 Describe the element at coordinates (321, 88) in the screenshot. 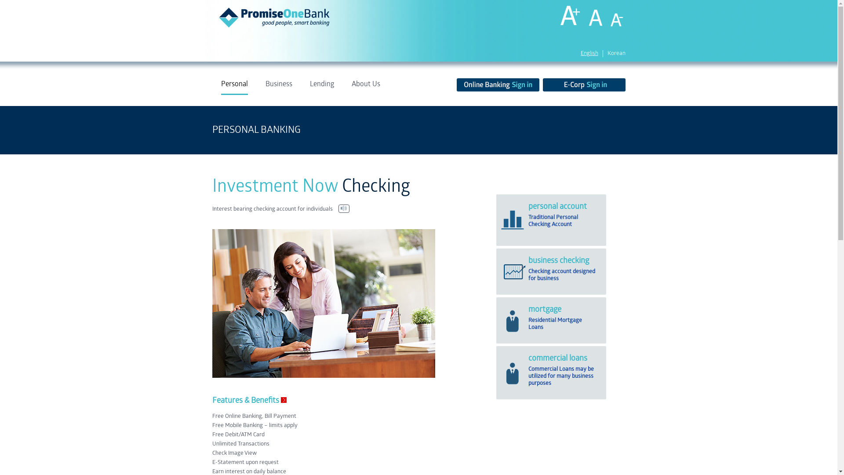

I see `'Lending'` at that location.